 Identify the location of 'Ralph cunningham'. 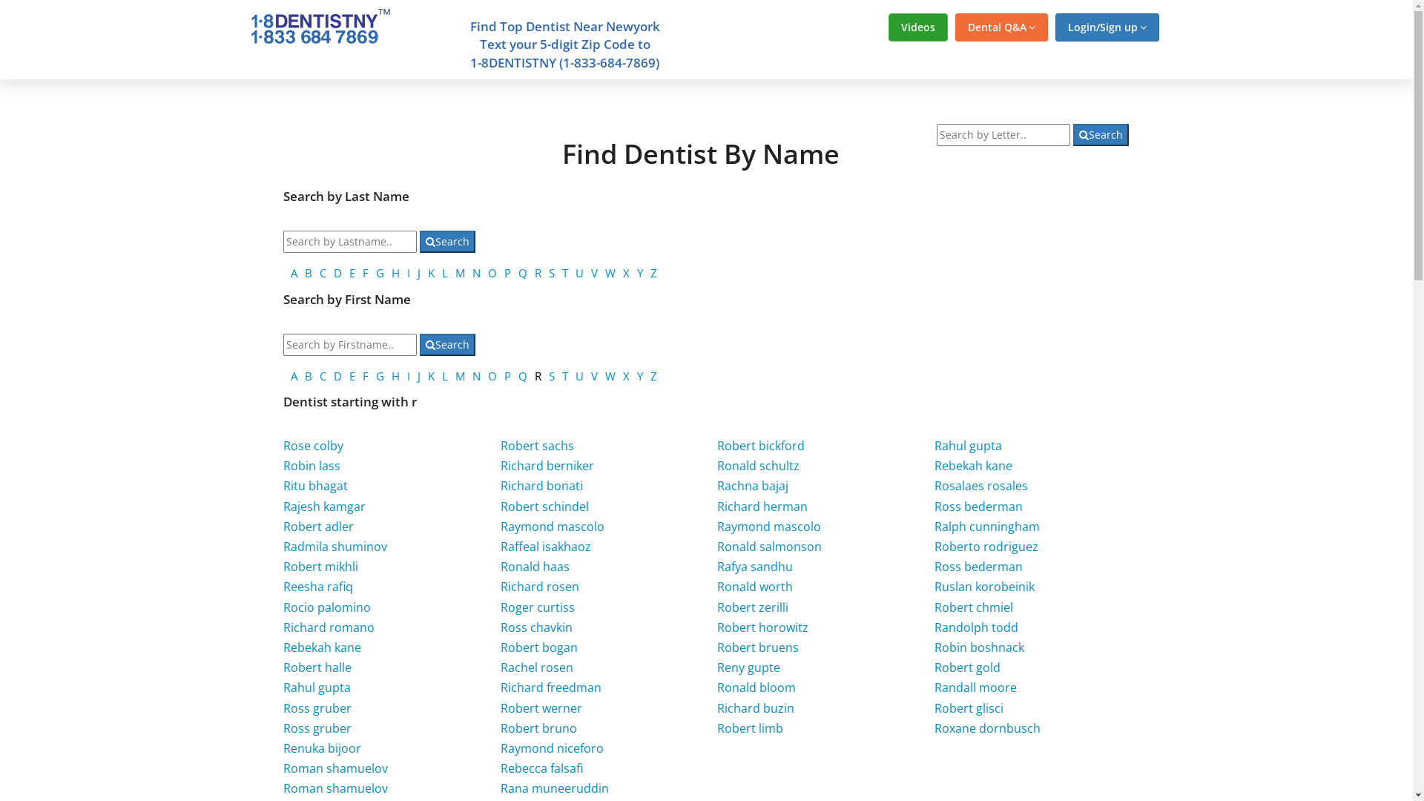
(986, 525).